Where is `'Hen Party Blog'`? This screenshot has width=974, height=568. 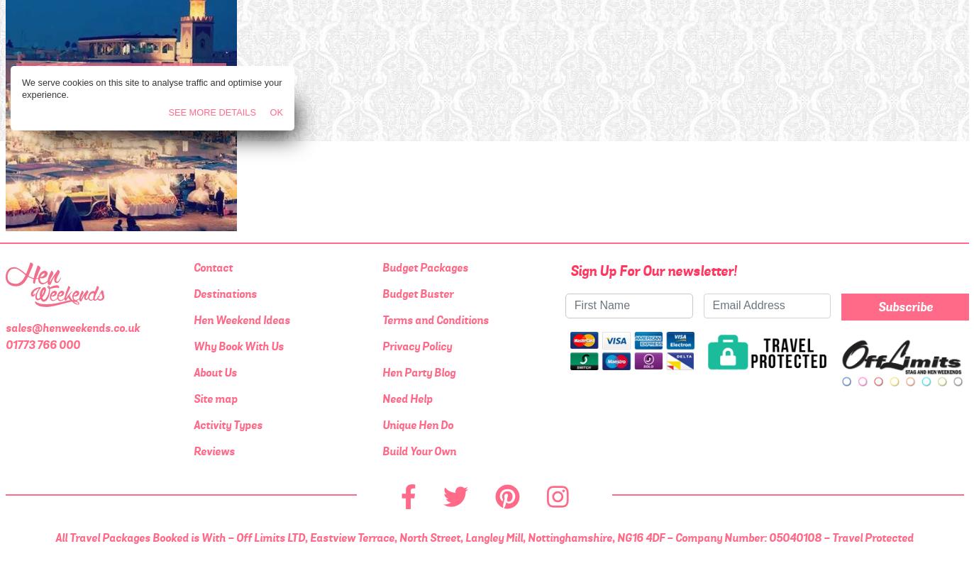
'Hen Party Blog' is located at coordinates (380, 372).